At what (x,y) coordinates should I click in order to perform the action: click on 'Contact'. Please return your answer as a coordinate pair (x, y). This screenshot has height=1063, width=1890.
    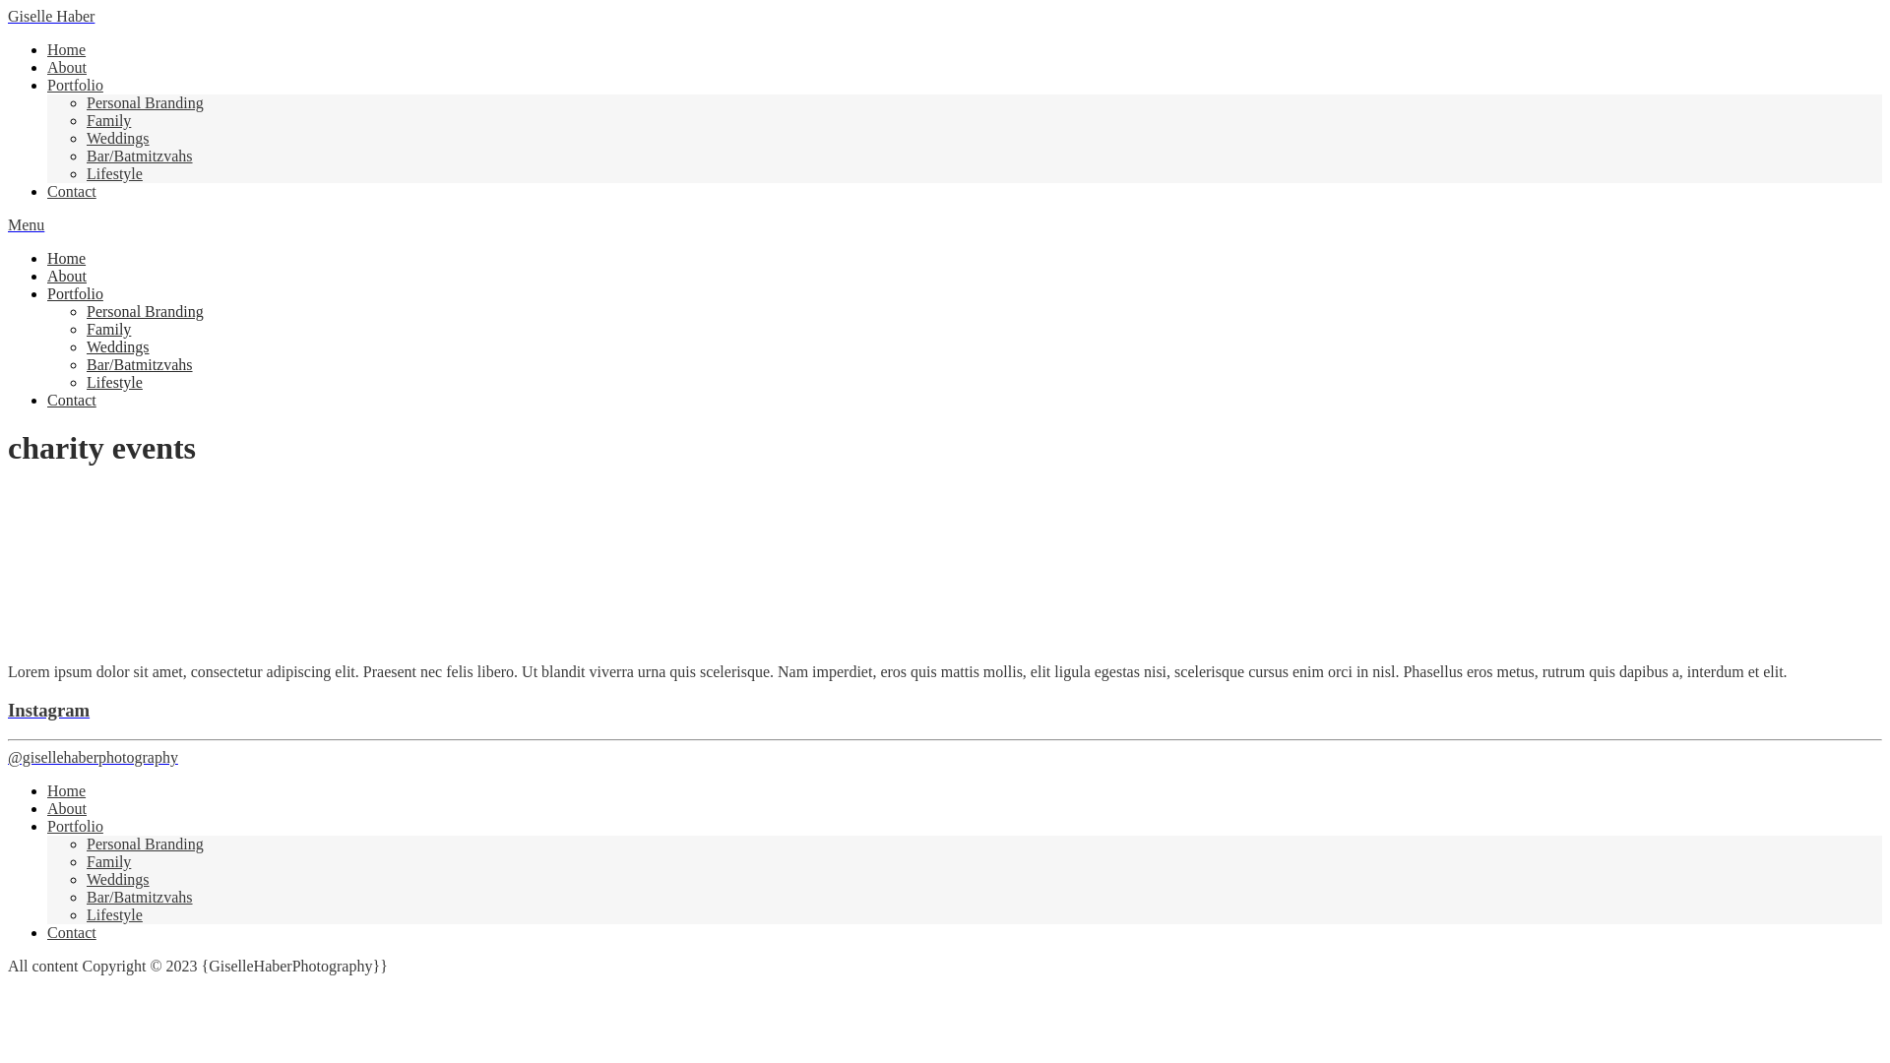
    Looking at the image, I should click on (71, 191).